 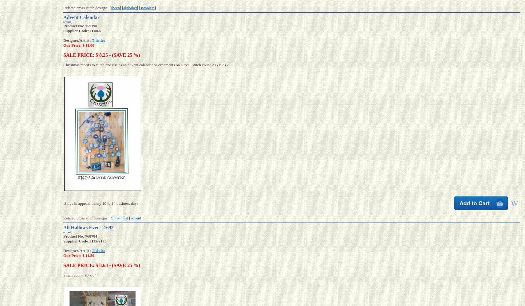 What do you see at coordinates (145, 64) in the screenshot?
I see `'Christmas motifs to stitch and use as an advent calendar or ornaments on a tree. Stitch count 235 x 235.'` at bounding box center [145, 64].